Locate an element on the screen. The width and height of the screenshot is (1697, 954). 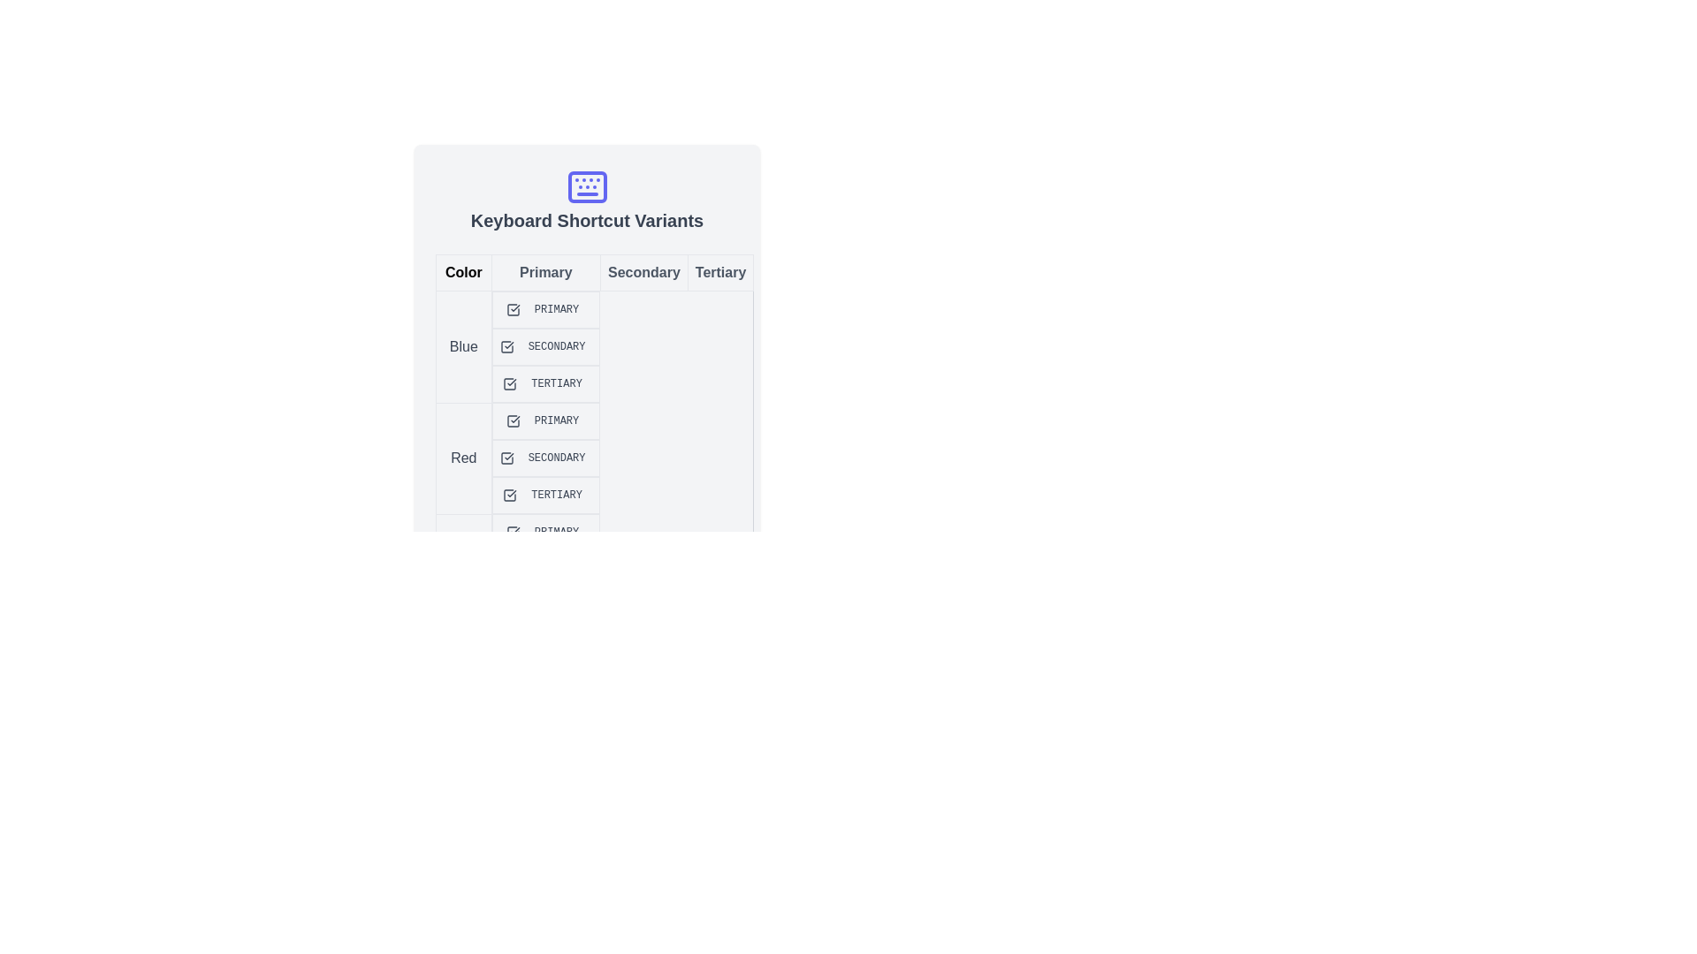
the Compound element that includes a checkbox and a label located in the 'Blue' row and 'Primary' column, positioned just under the 'Color' header area is located at coordinates (545, 309).